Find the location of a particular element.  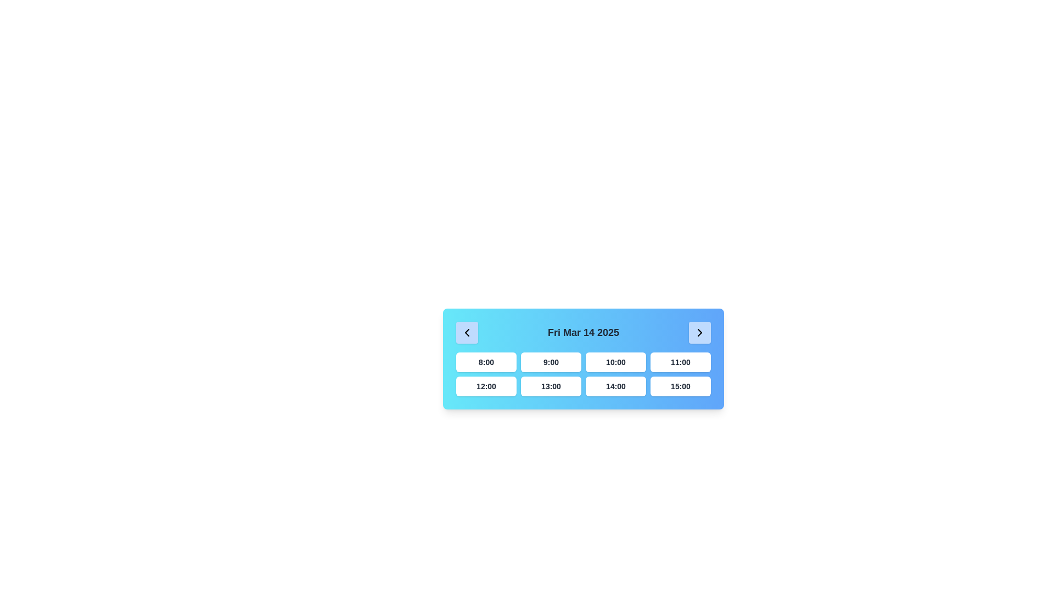

the vector graphic navigation button located to the left of 'Fri Mar 14 2025' is located at coordinates (467, 332).